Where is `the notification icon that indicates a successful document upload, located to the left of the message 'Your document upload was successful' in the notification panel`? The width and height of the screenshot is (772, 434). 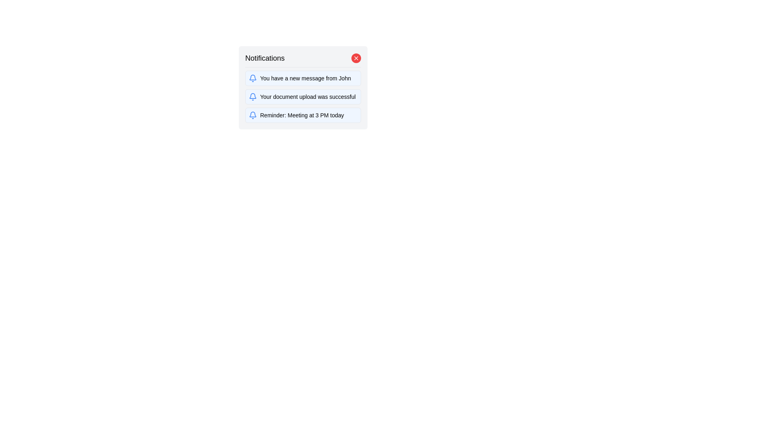
the notification icon that indicates a successful document upload, located to the left of the message 'Your document upload was successful' in the notification panel is located at coordinates (252, 96).